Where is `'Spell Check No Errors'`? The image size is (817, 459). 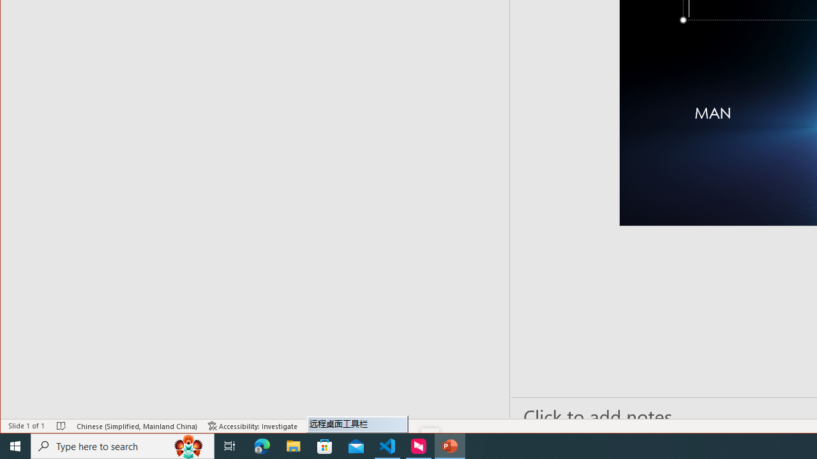
'Spell Check No Errors' is located at coordinates (61, 426).